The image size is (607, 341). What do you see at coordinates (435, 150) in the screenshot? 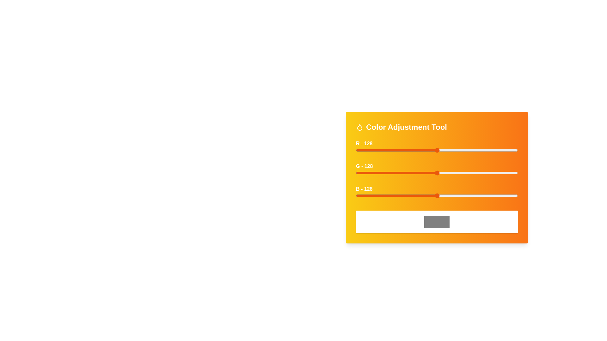
I see `the red slider to 125` at bounding box center [435, 150].